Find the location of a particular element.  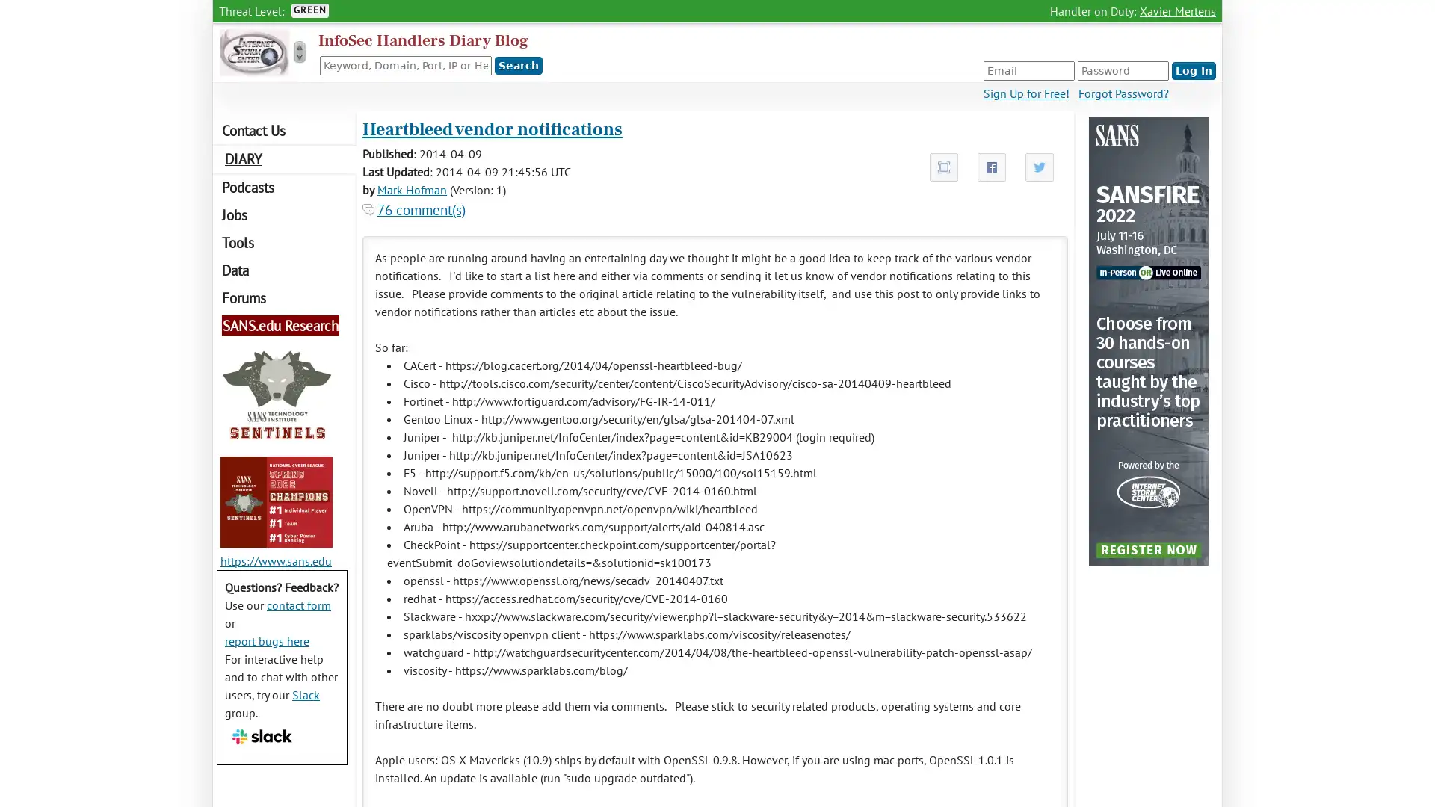

Search is located at coordinates (519, 65).